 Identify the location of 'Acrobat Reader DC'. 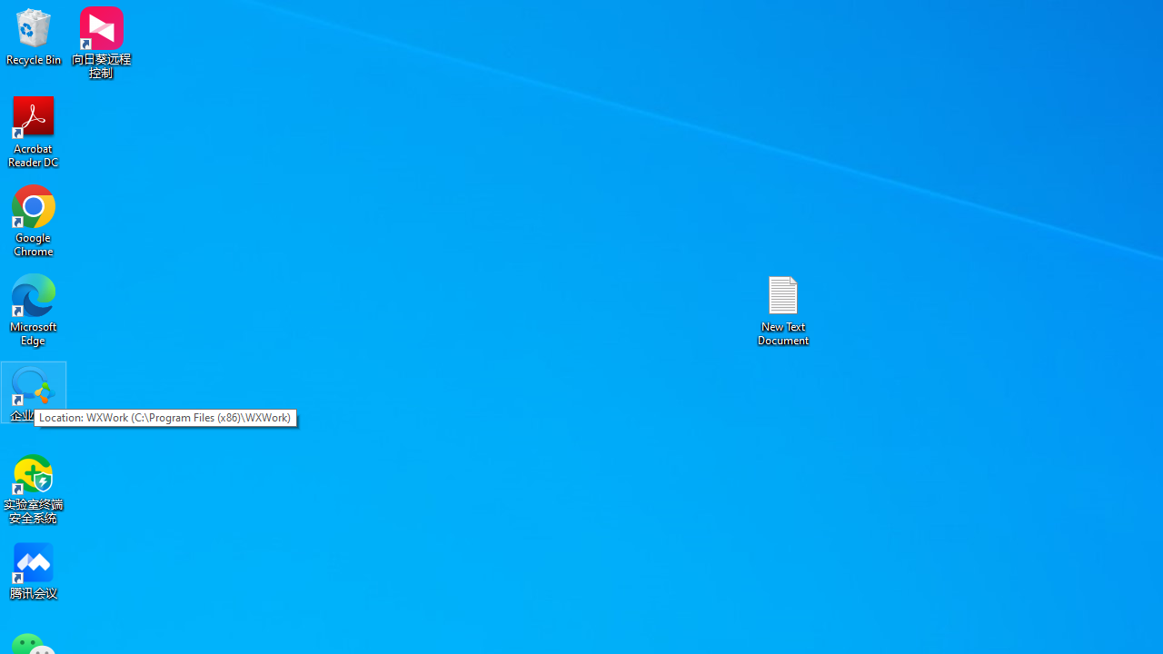
(34, 131).